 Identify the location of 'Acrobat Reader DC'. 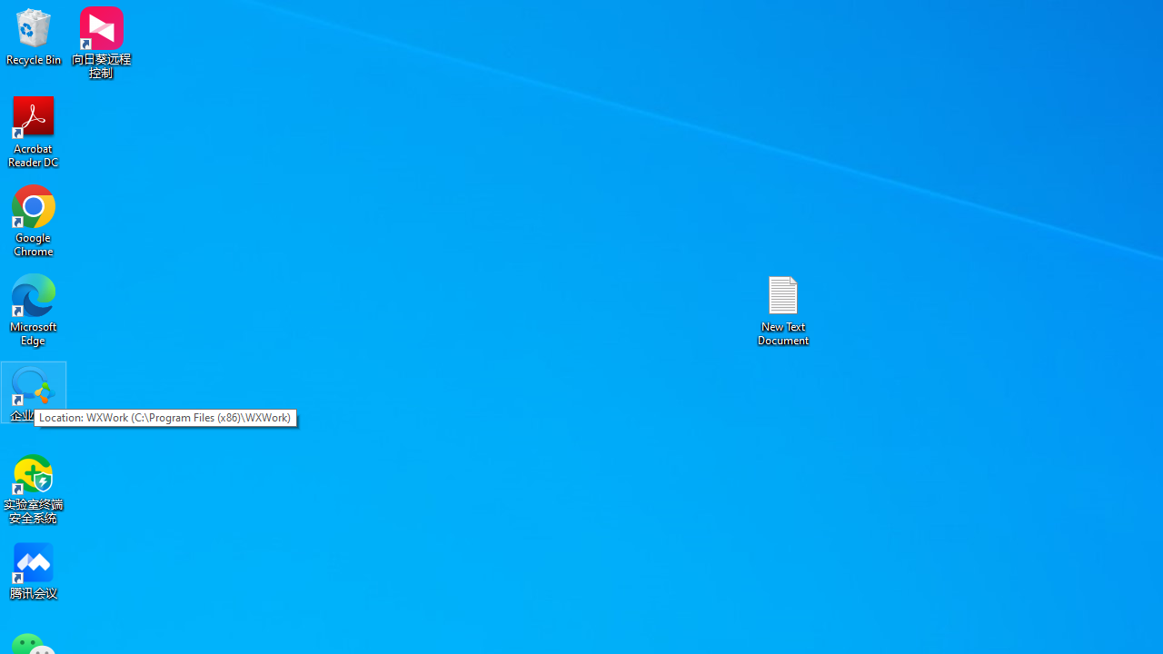
(34, 131).